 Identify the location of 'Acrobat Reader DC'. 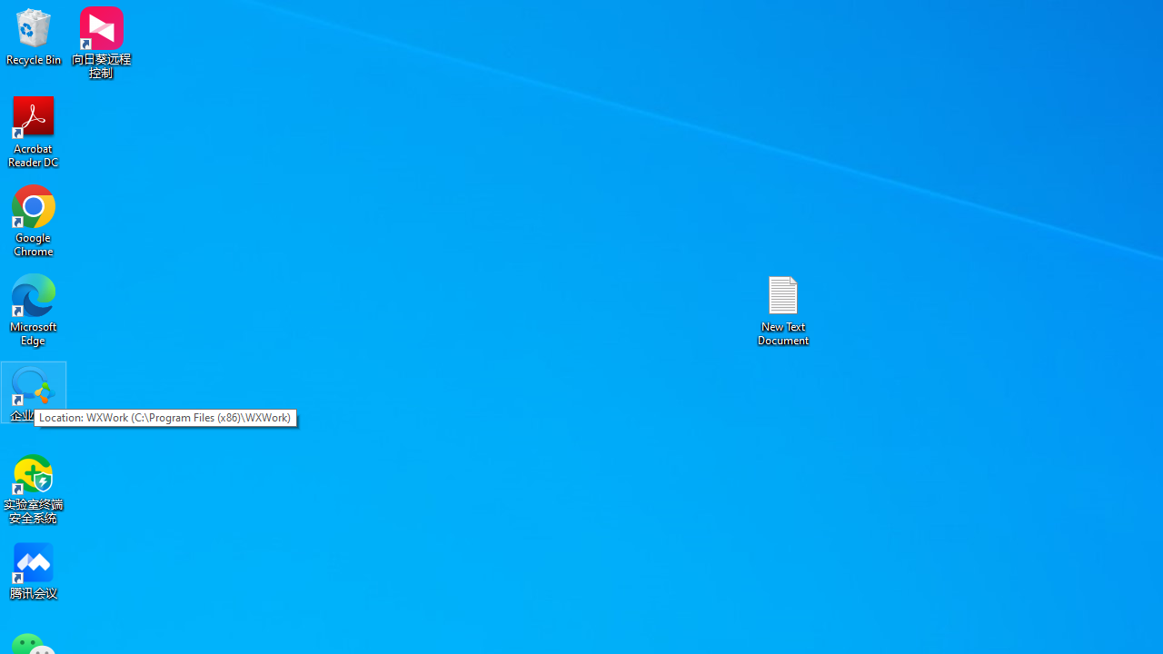
(34, 131).